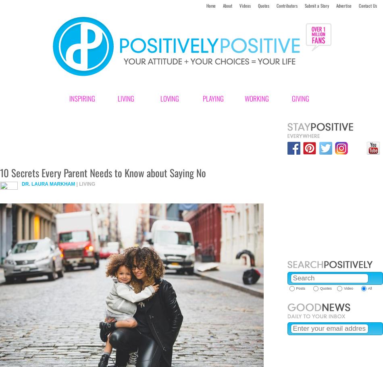 The width and height of the screenshot is (383, 367). I want to click on 'All', so click(367, 288).